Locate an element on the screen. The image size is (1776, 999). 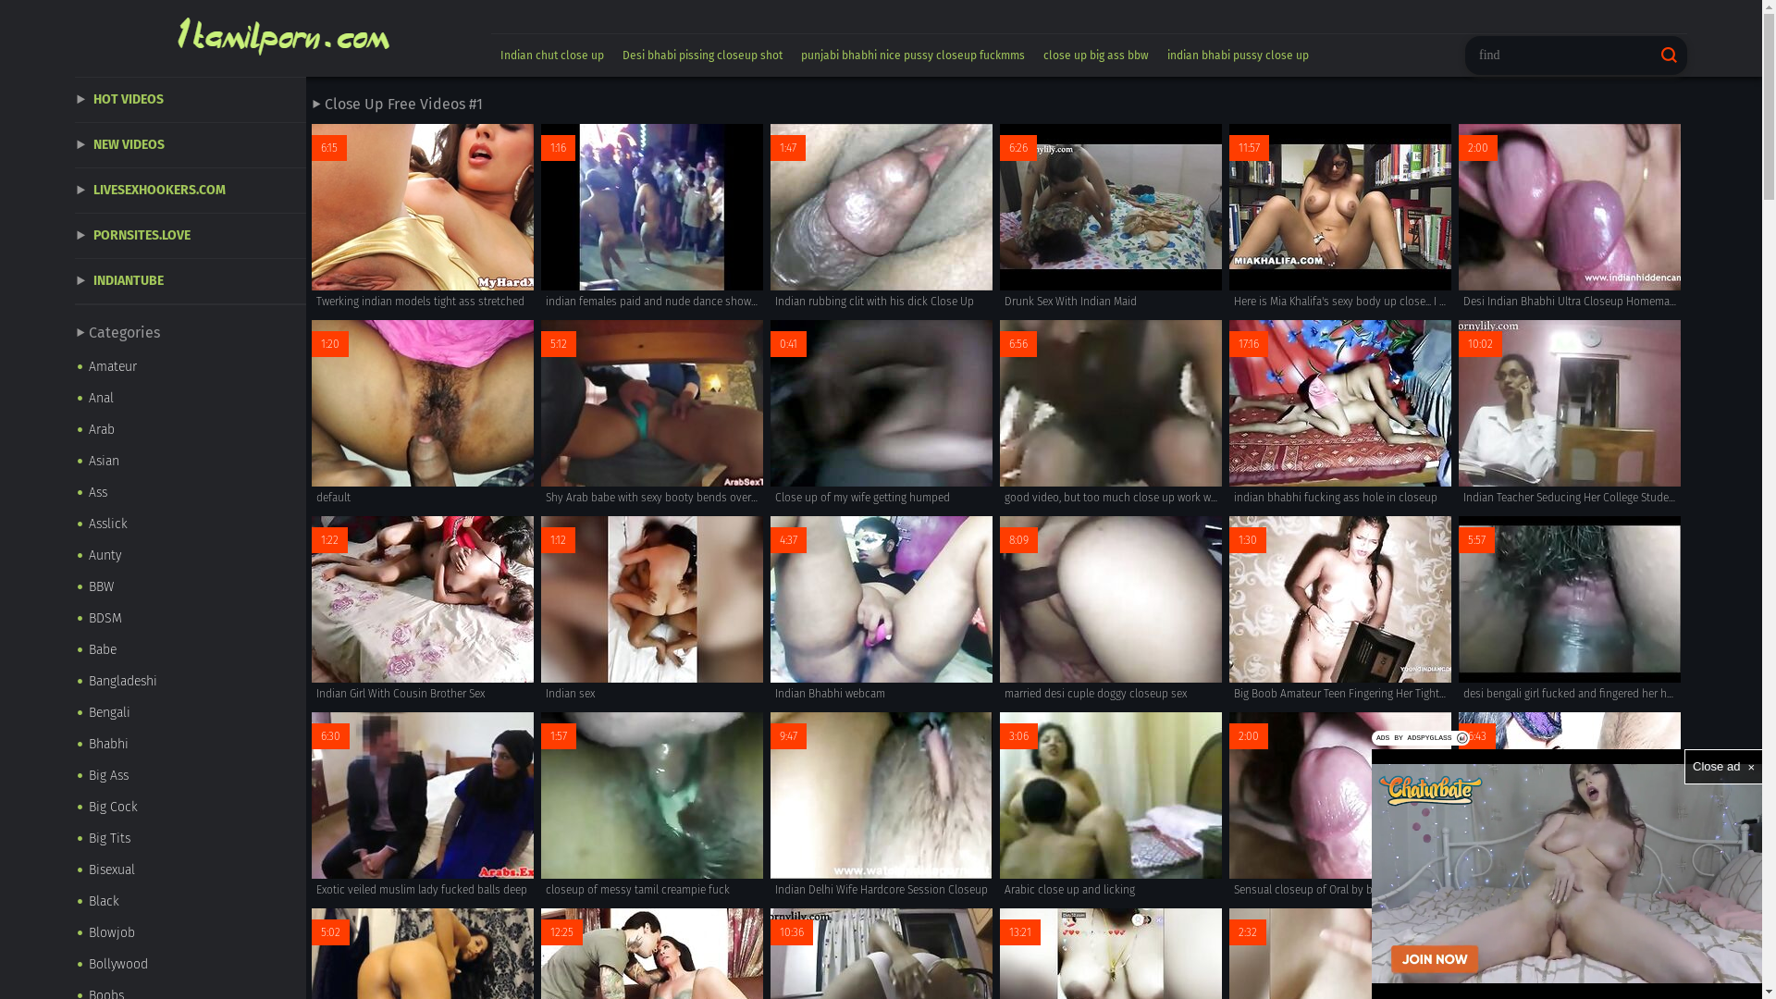
'0:41 is located at coordinates (881, 413).